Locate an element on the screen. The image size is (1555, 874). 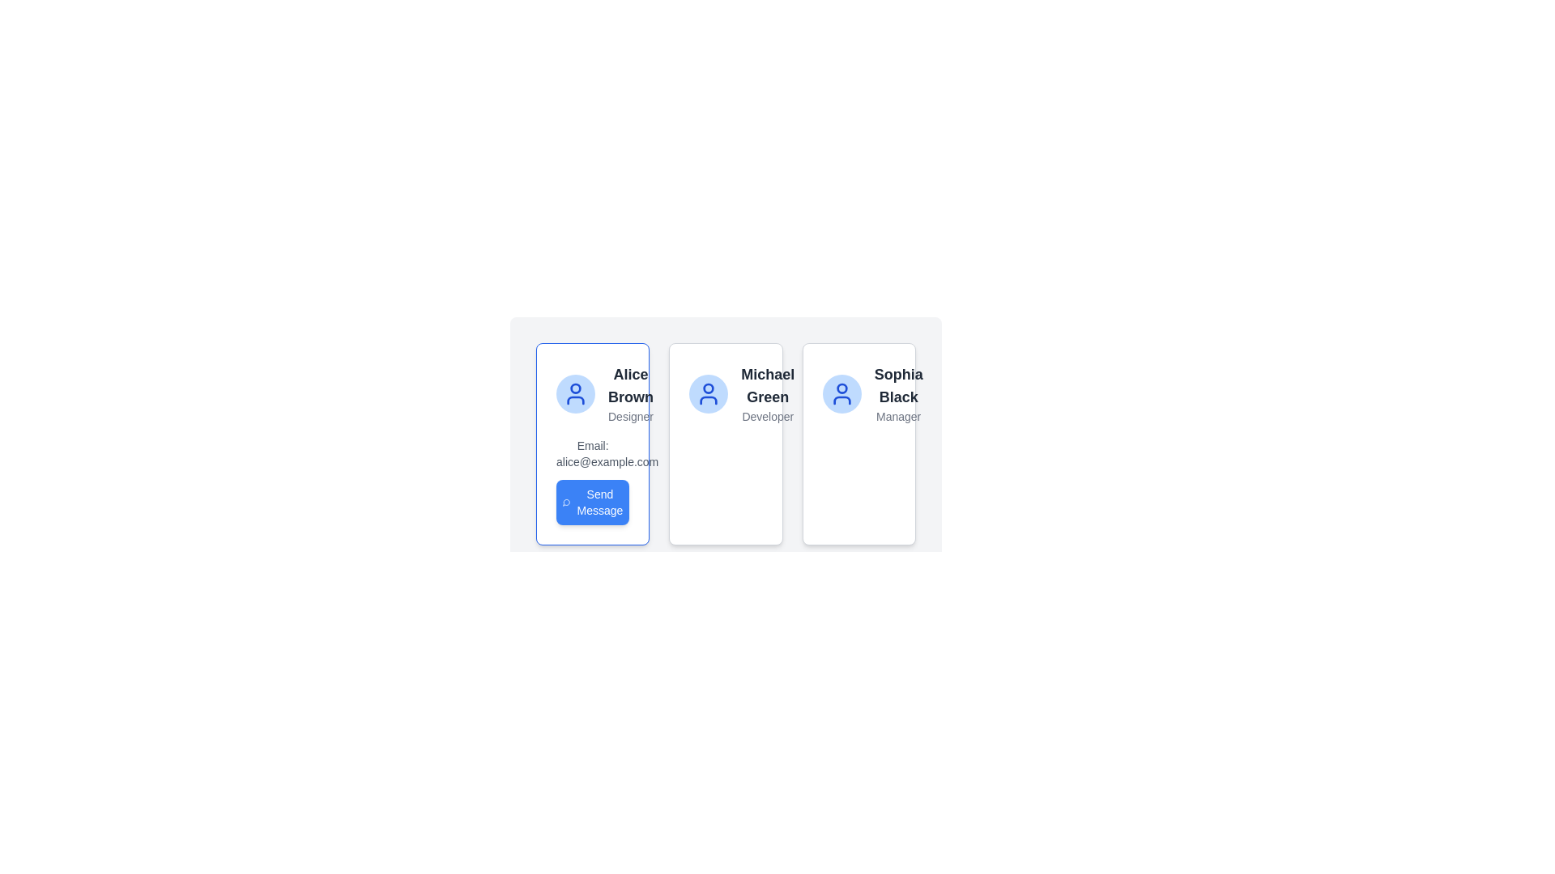
the Profile Card displaying information about 'Michael Green', which is the second card in a horizontal list of three profile cards is located at coordinates (725, 443).